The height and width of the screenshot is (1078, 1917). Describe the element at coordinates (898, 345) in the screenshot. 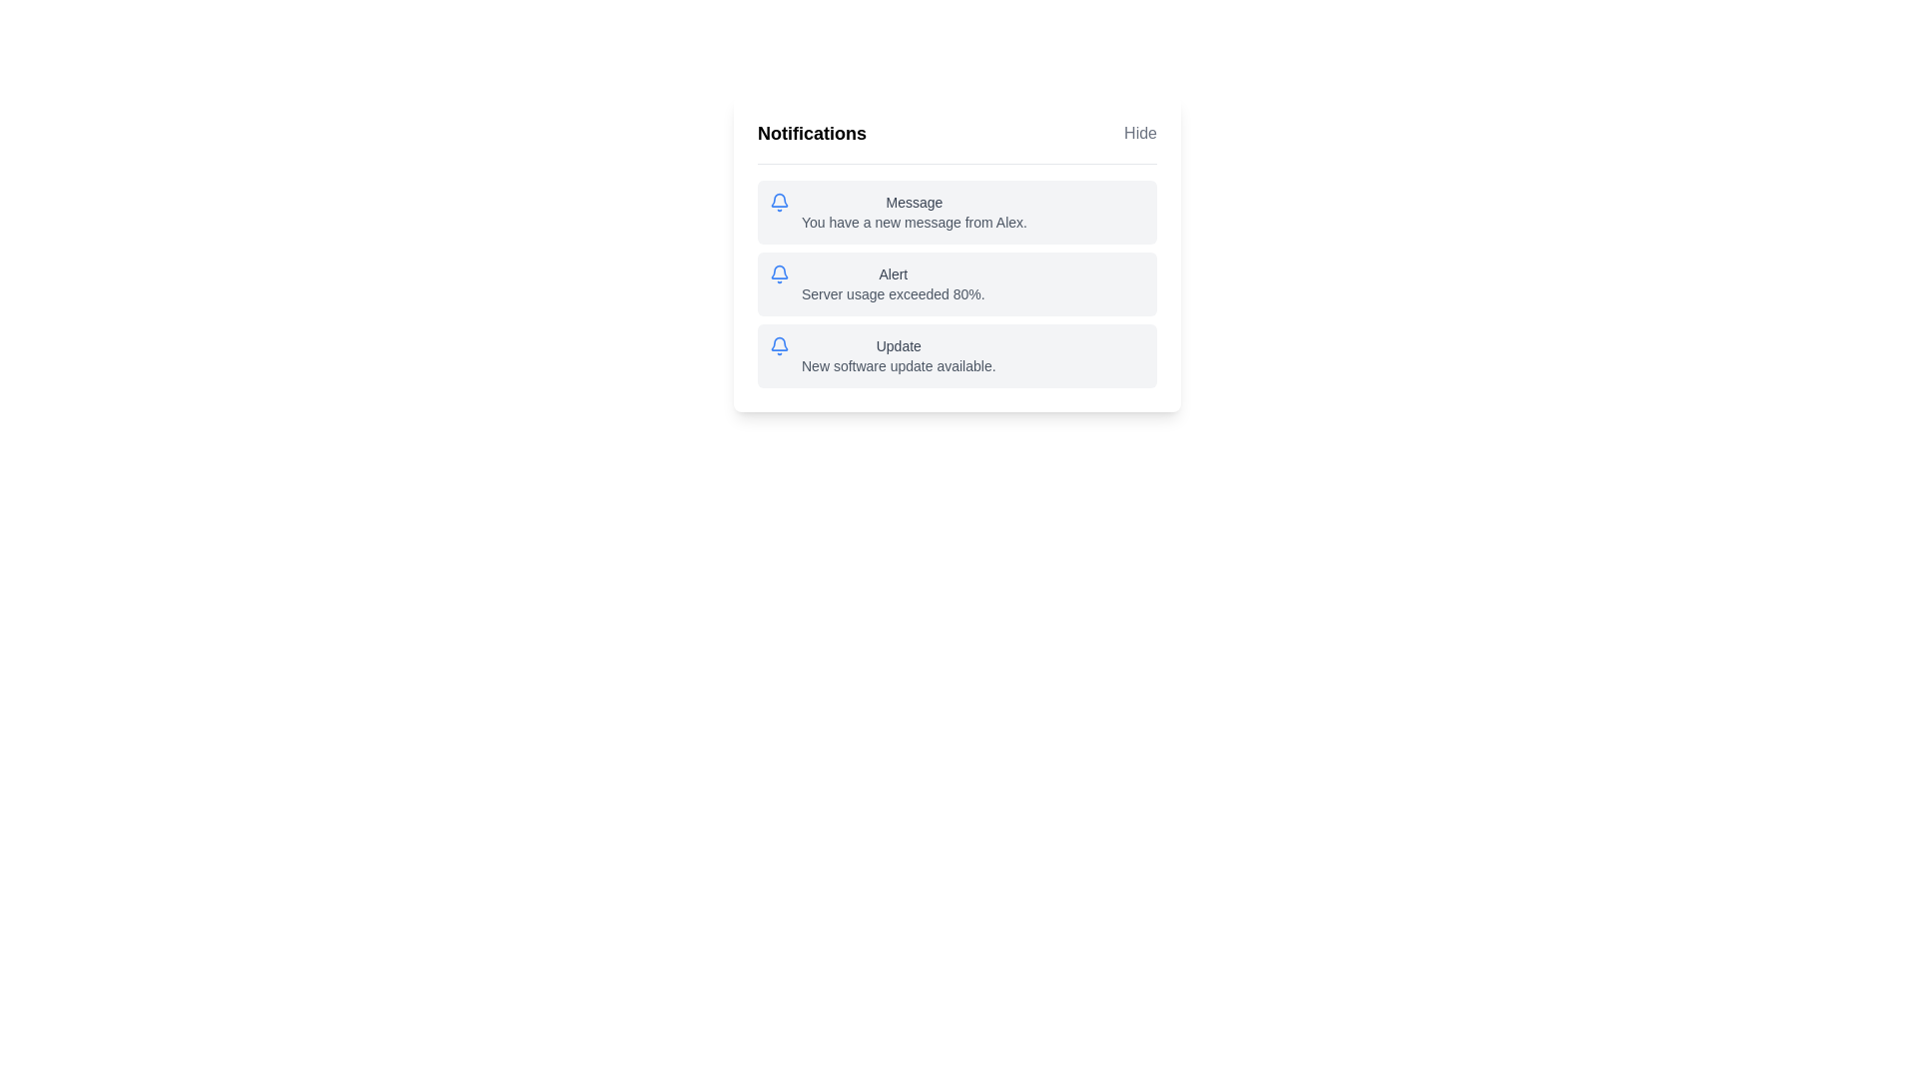

I see `the static text label that serves as the title for the notification, indicating an update alert, located above the text 'New software update available.'` at that location.